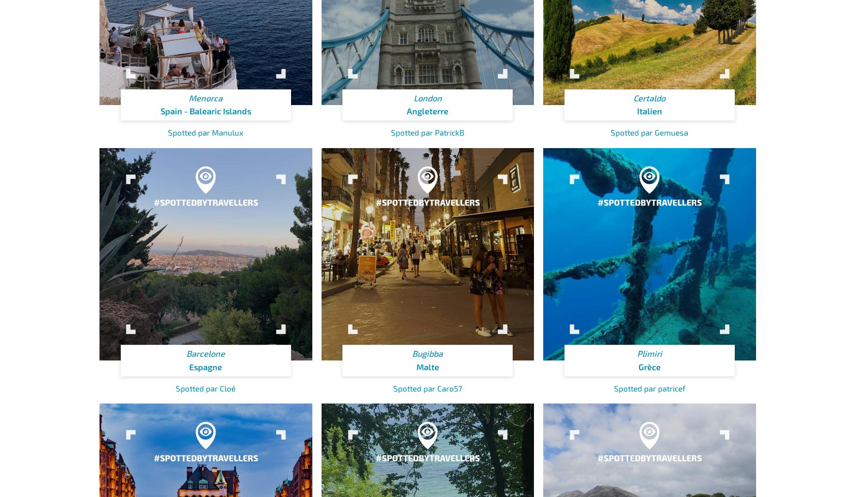  What do you see at coordinates (649, 388) in the screenshot?
I see `'Spotted par patricef'` at bounding box center [649, 388].